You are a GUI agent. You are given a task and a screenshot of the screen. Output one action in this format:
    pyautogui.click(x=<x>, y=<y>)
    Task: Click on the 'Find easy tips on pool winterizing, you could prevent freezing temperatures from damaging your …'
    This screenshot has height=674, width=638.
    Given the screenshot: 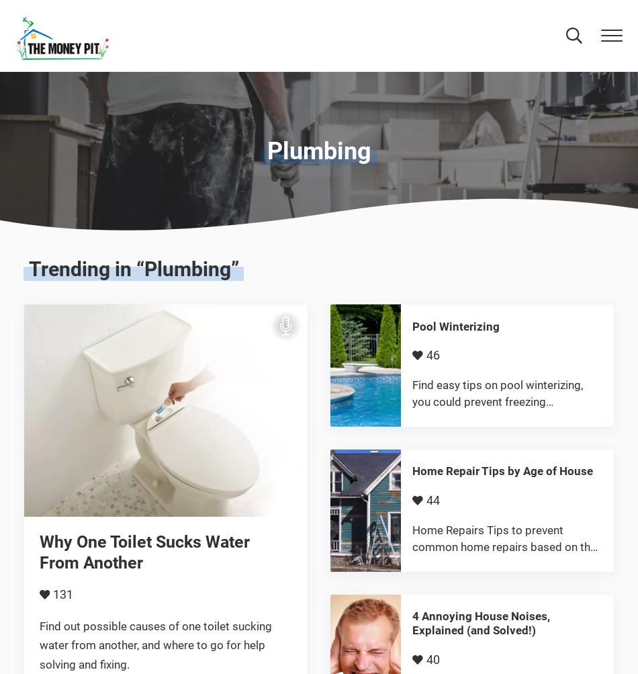 What is the action you would take?
    pyautogui.click(x=504, y=401)
    